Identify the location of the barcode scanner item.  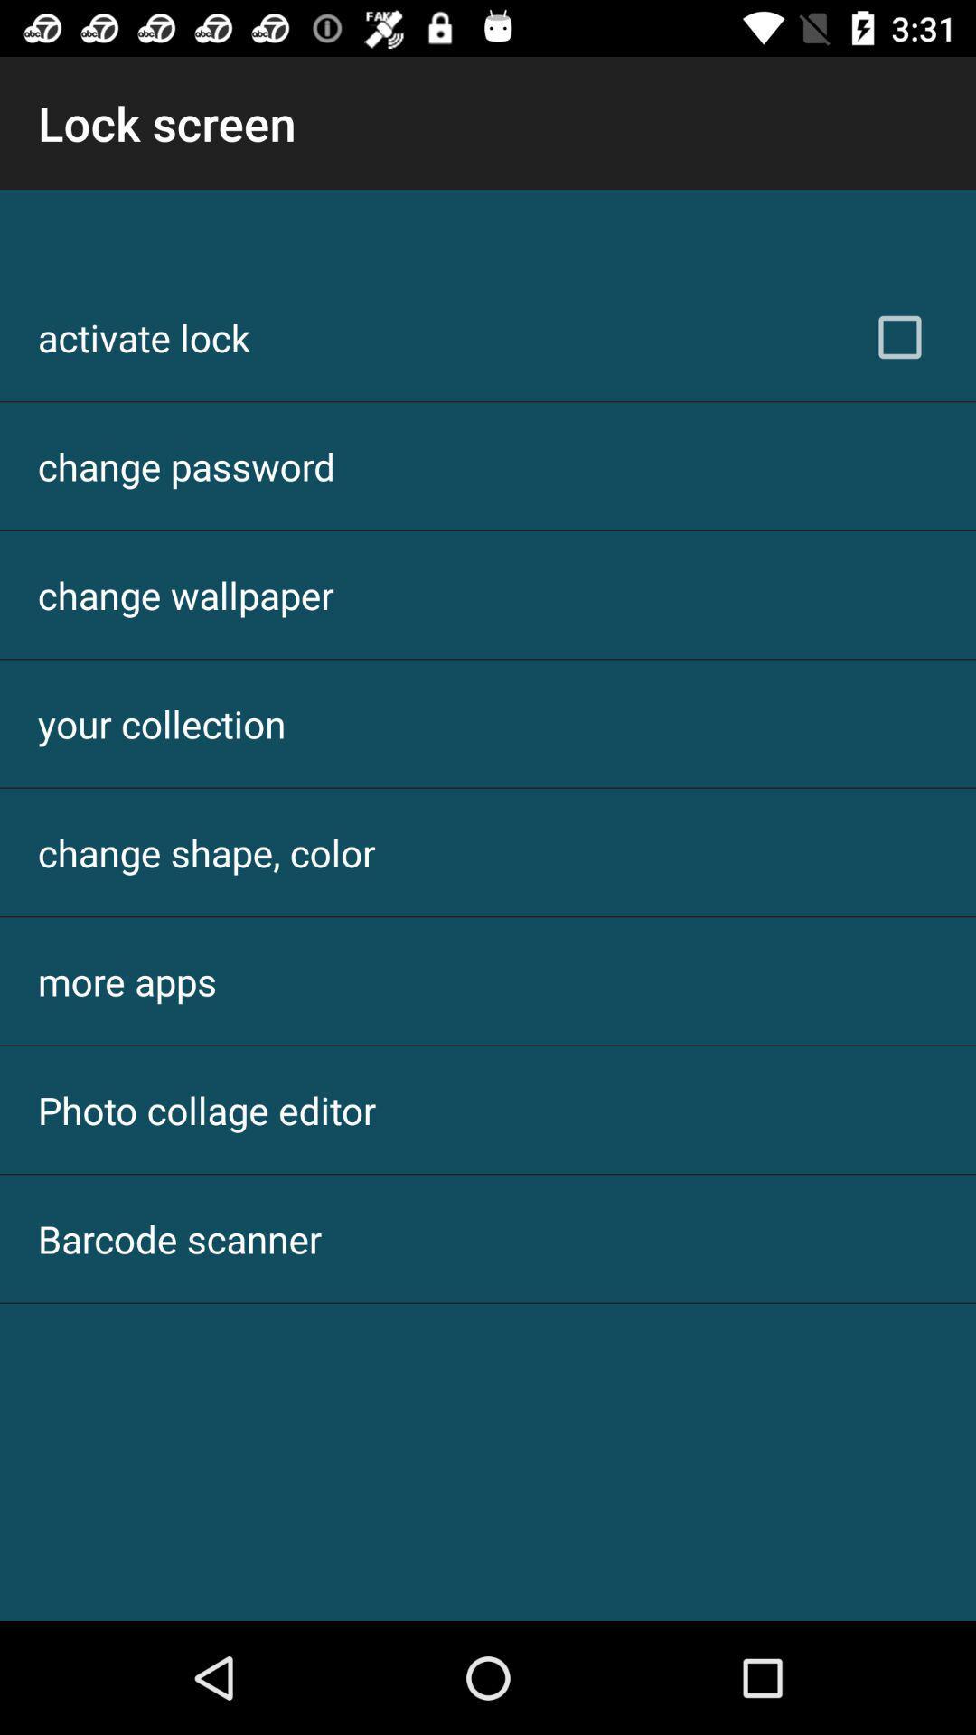
(180, 1238).